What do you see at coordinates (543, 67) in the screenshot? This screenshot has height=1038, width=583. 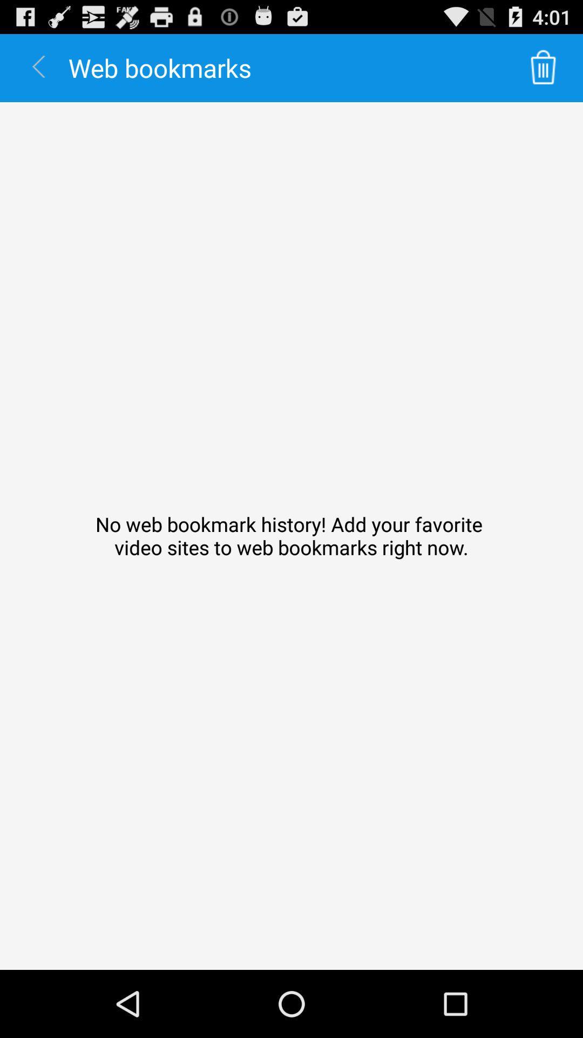 I see `the icon next to the web bookmarks item` at bounding box center [543, 67].